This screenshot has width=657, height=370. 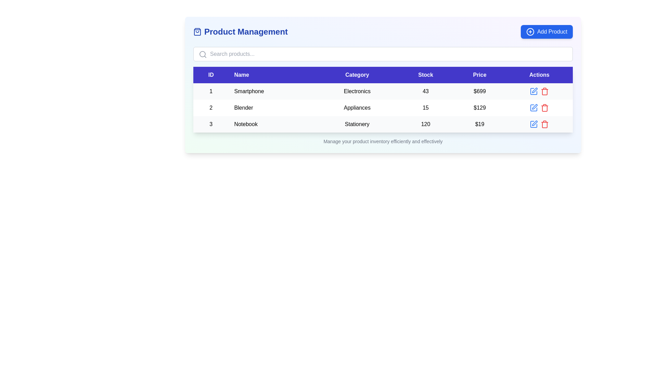 I want to click on the 'Edit' icon button located in the 'Actions' column of the second row of the table to initiate editing, so click(x=533, y=108).